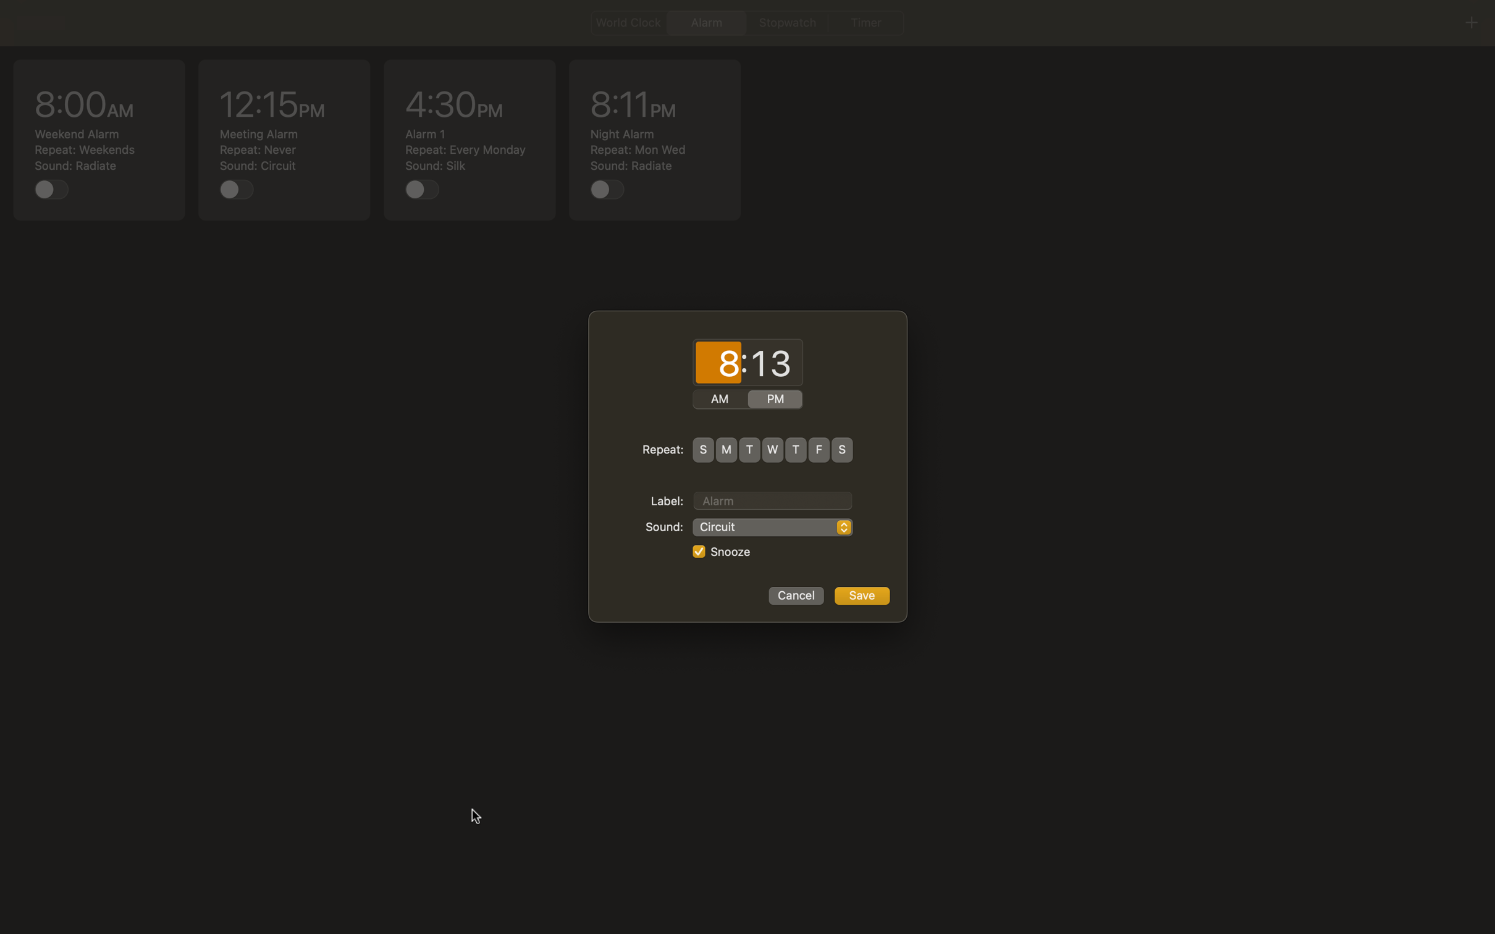 This screenshot has width=1495, height=934. What do you see at coordinates (861, 595) in the screenshot?
I see `Store alarm settings` at bounding box center [861, 595].